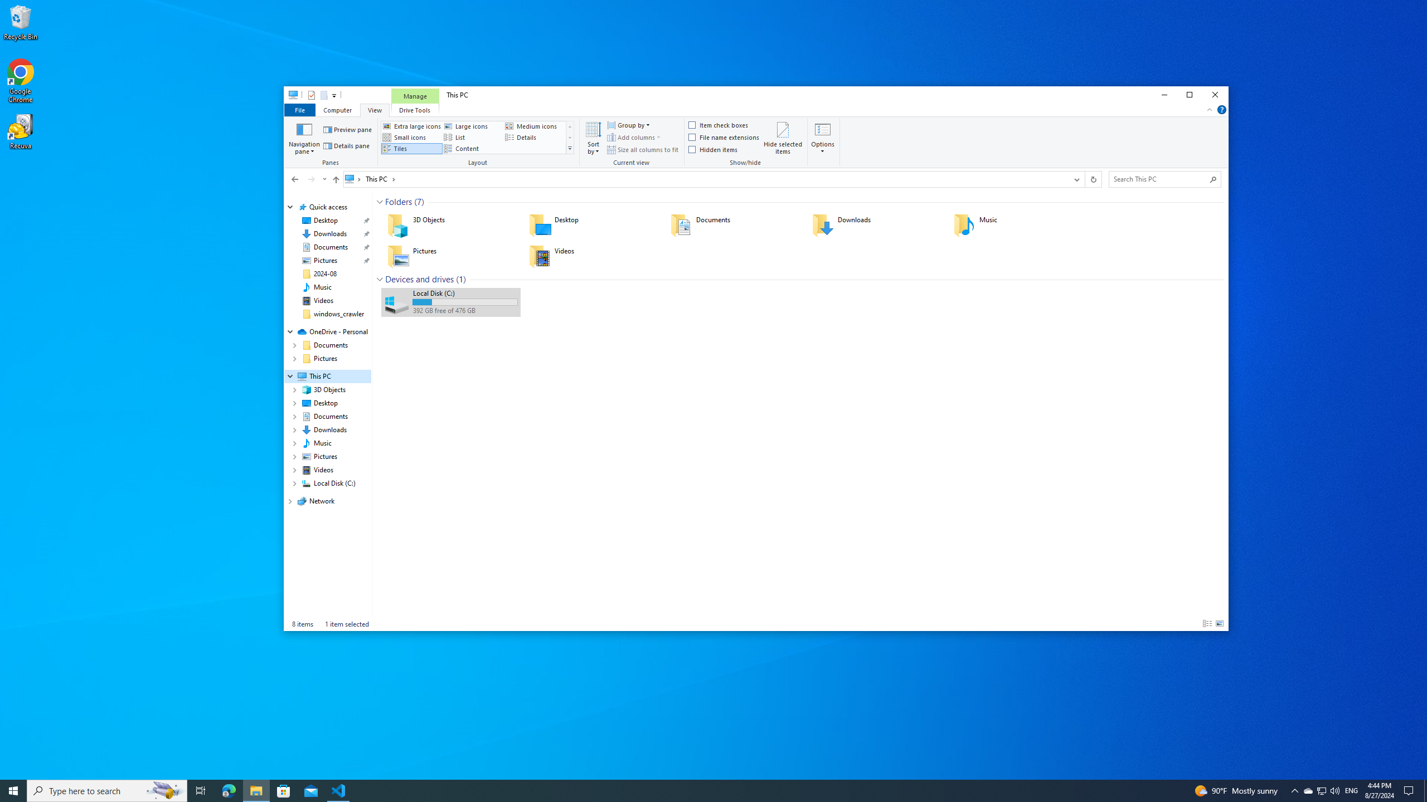  Describe the element at coordinates (1208, 109) in the screenshot. I see `'Minimize the Ribbon'` at that location.